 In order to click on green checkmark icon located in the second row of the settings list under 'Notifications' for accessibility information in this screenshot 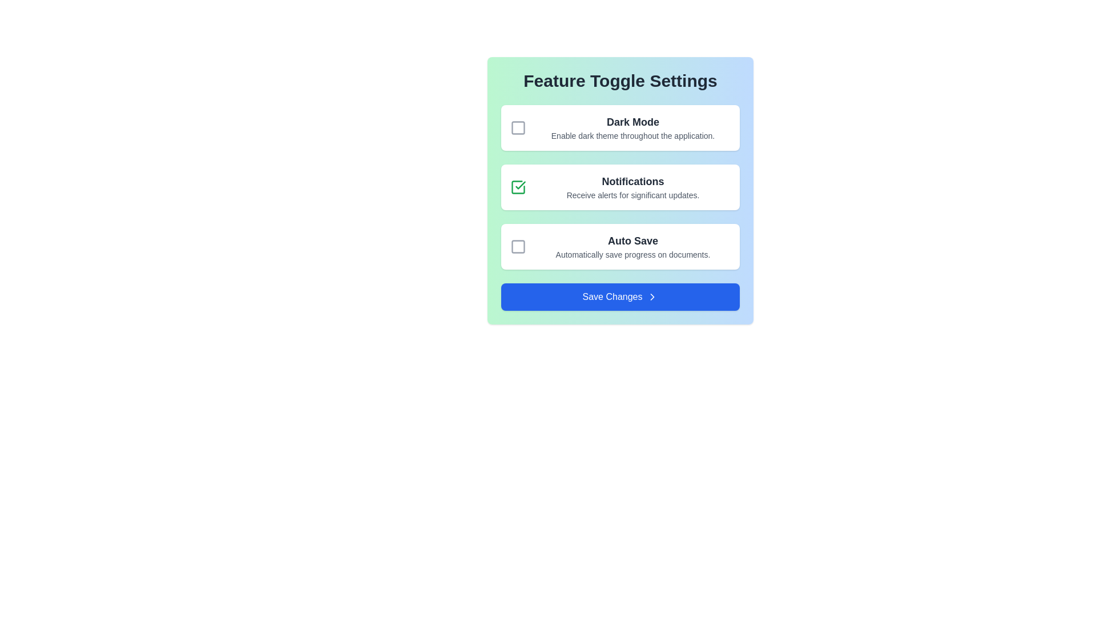, I will do `click(520, 185)`.